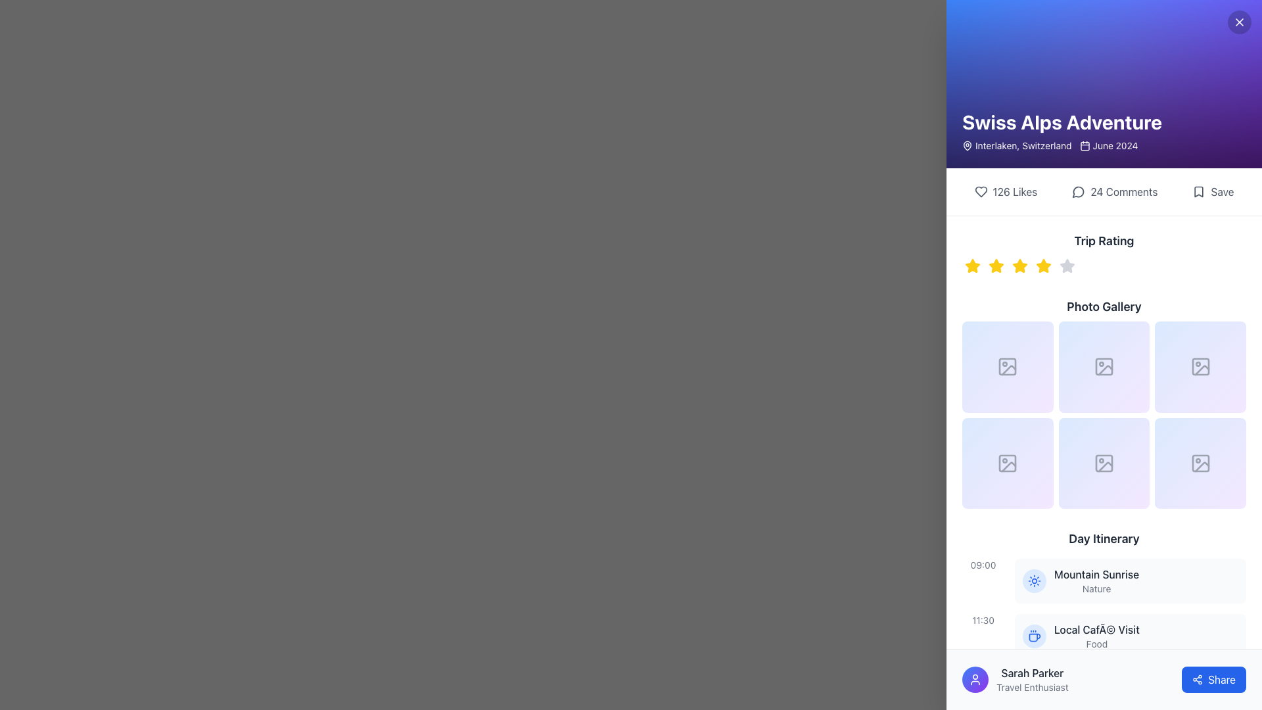 This screenshot has height=710, width=1262. What do you see at coordinates (1104, 306) in the screenshot?
I see `the 'Photo Gallery' text label, which is styled in bold, larger font and located below the 'Trip Rating' section, above image placeholders` at bounding box center [1104, 306].